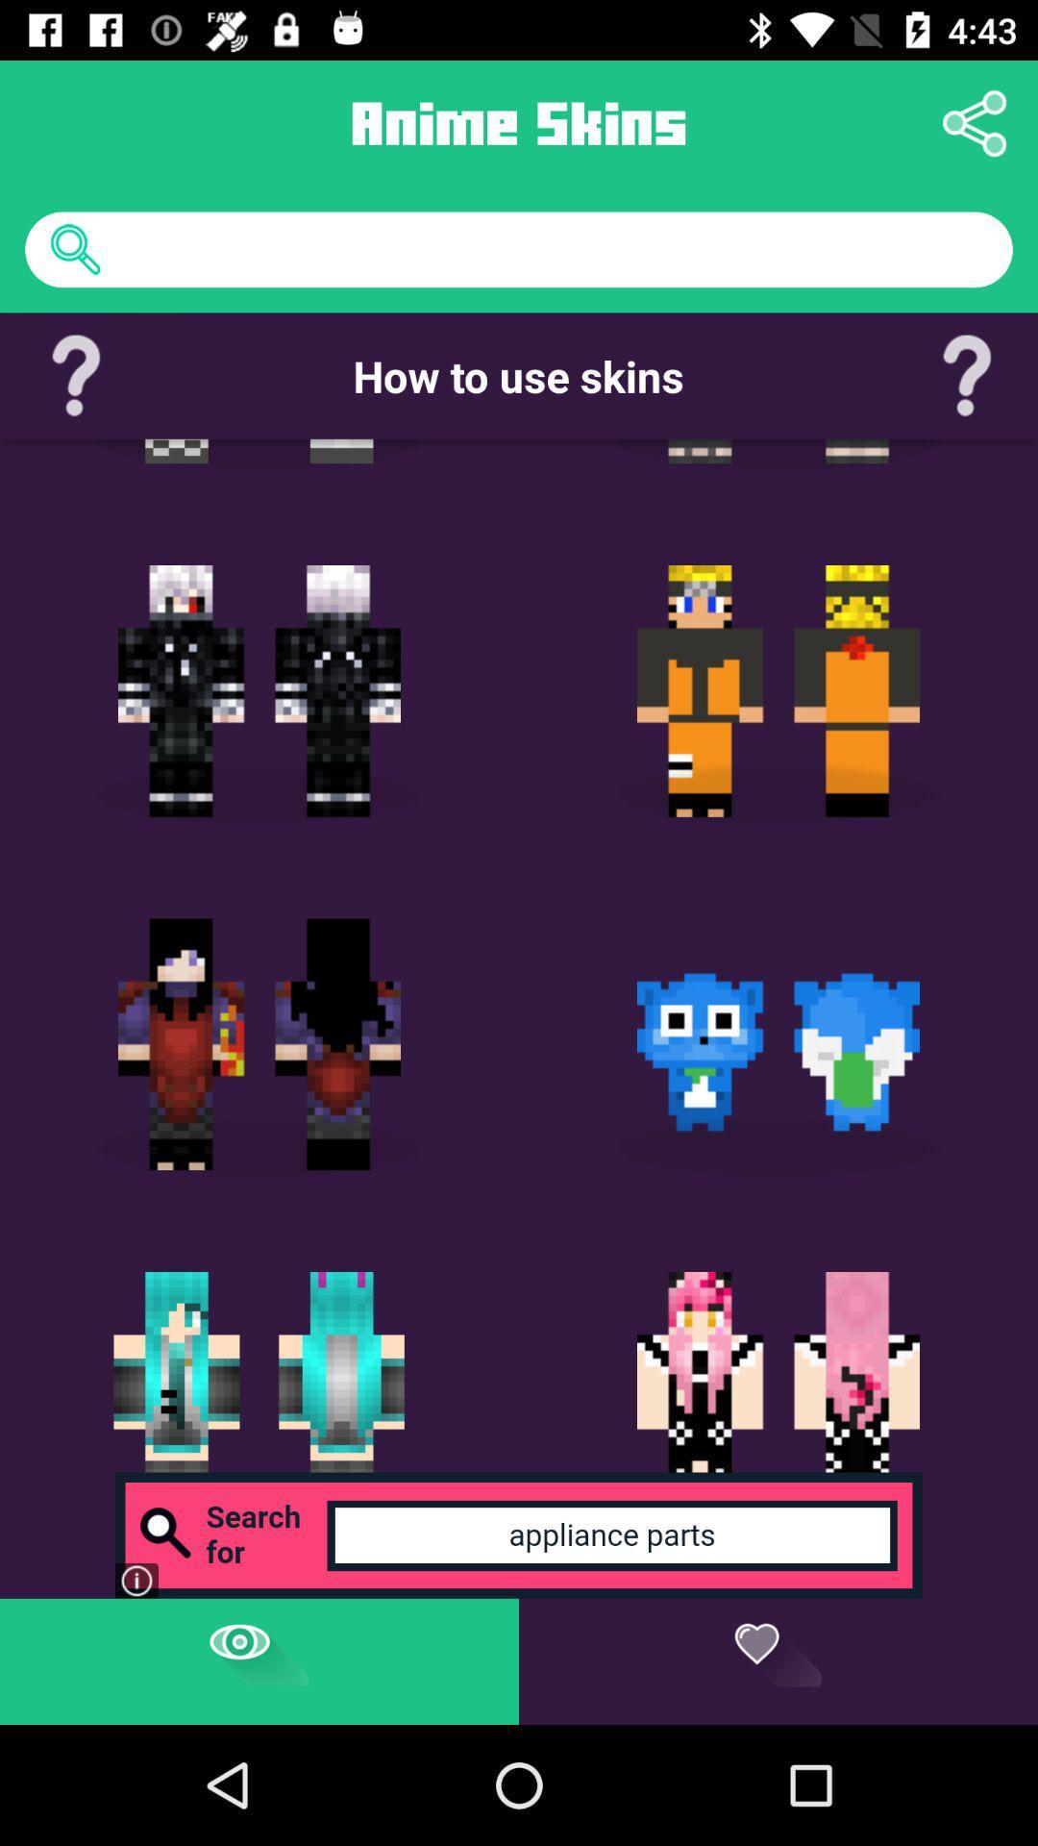 The height and width of the screenshot is (1846, 1038). Describe the element at coordinates (975, 122) in the screenshot. I see `the share icon` at that location.